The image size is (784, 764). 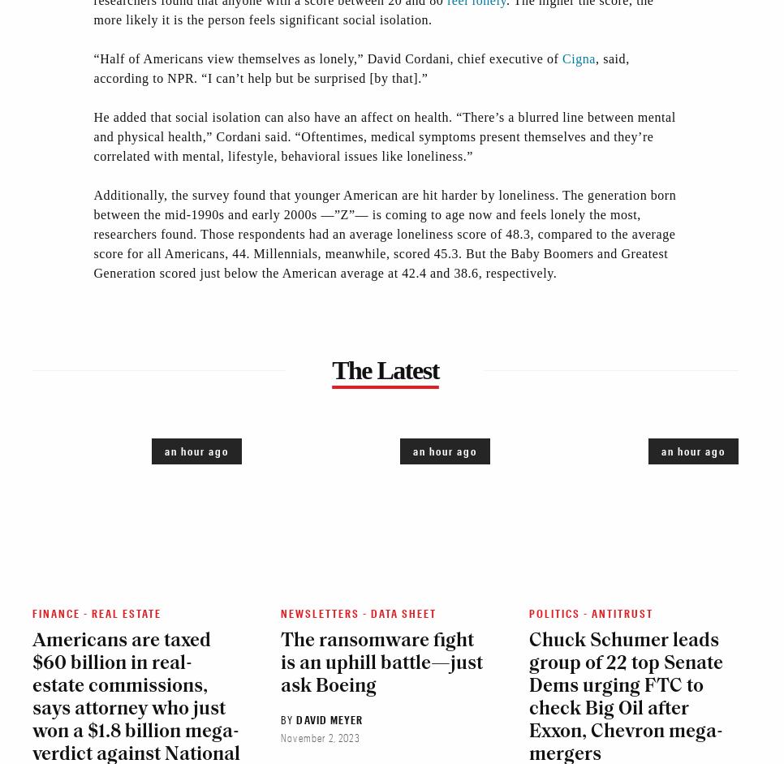 What do you see at coordinates (67, 356) in the screenshot?
I see `'Customer Support'` at bounding box center [67, 356].